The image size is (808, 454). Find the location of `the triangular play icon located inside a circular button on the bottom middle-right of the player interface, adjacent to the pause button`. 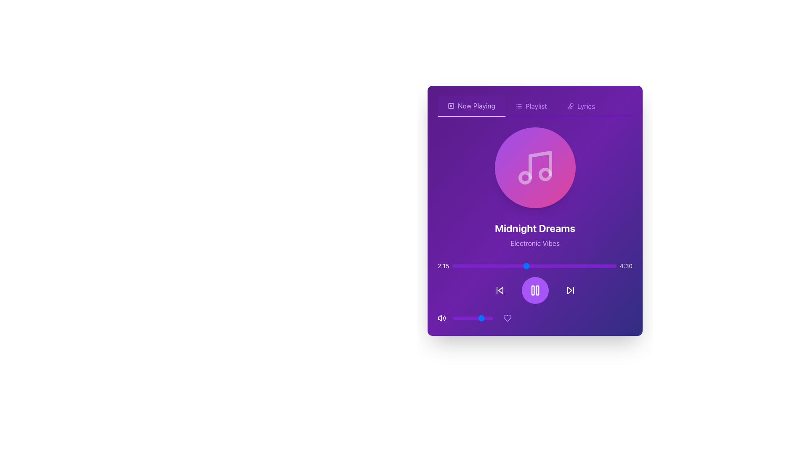

the triangular play icon located inside a circular button on the bottom middle-right of the player interface, adjacent to the pause button is located at coordinates (569, 290).